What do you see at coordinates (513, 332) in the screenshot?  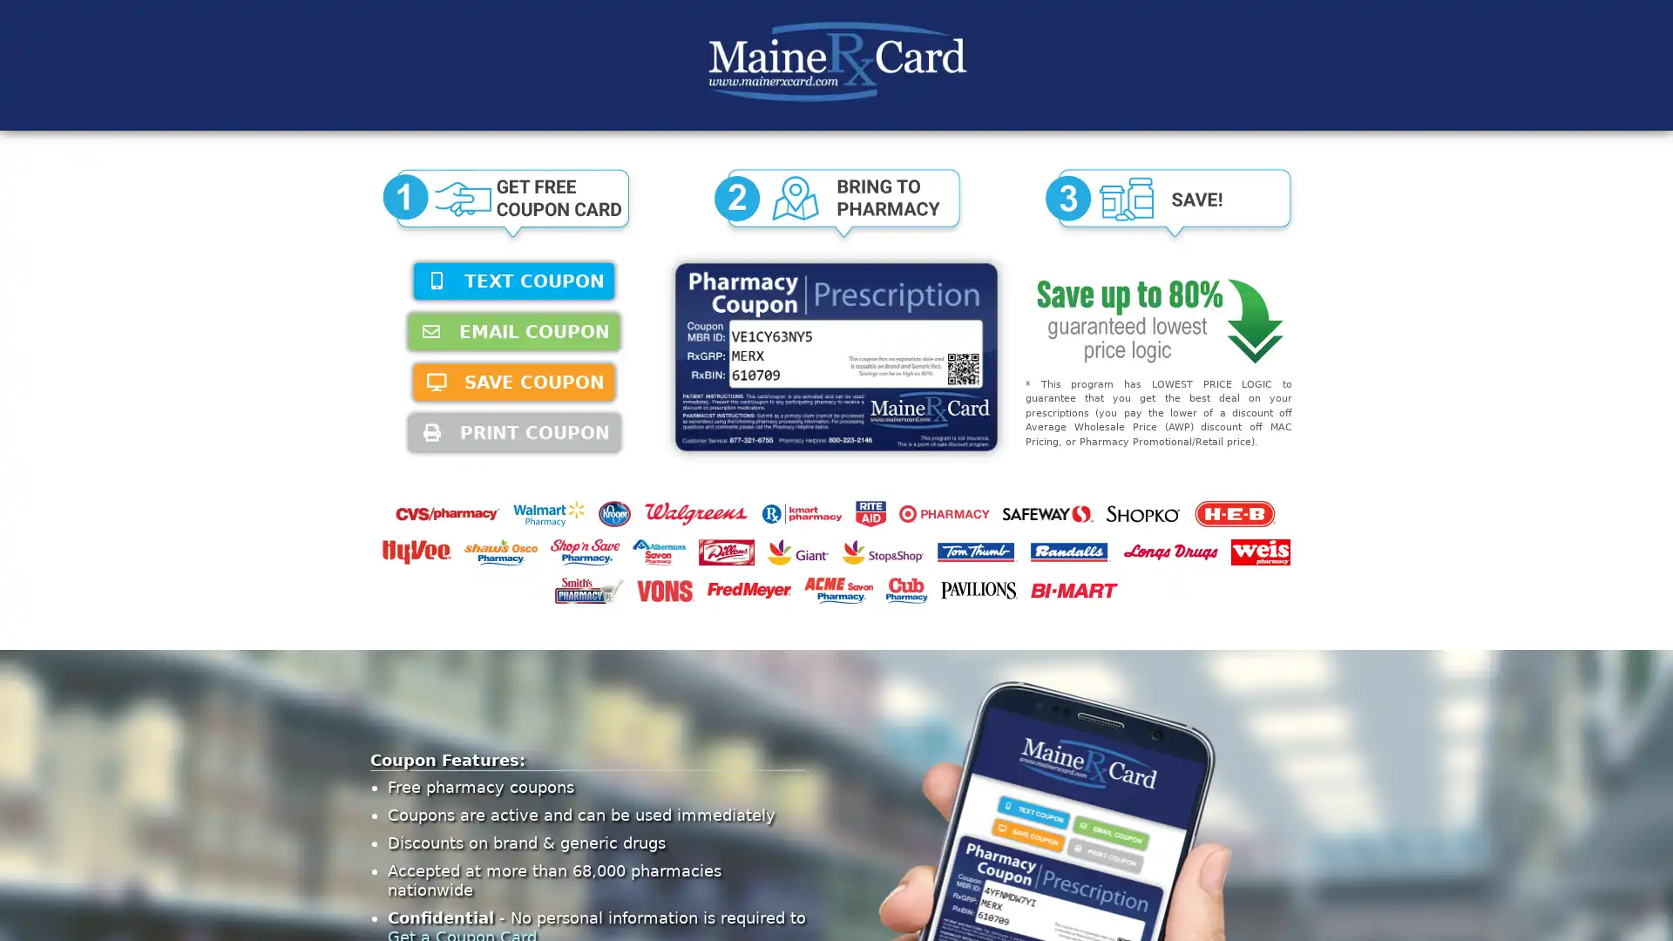 I see `EMAIL COUPON` at bounding box center [513, 332].